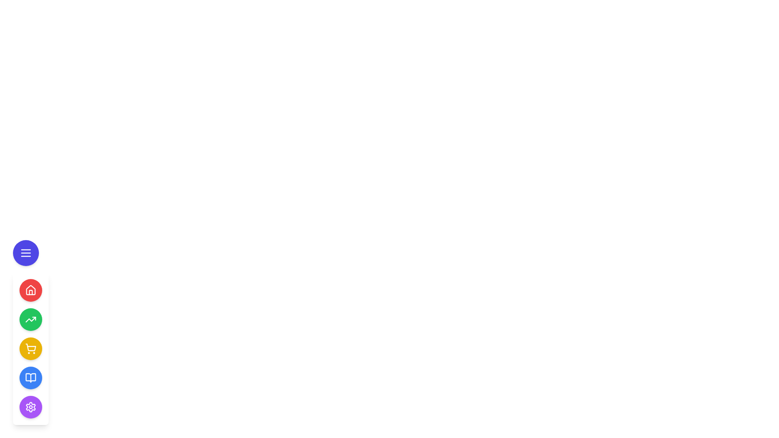 The height and width of the screenshot is (438, 779). Describe the element at coordinates (31, 290) in the screenshot. I see `the navigation icon located inside the circular button, which is the second option in the vertical navigation menu below the purple button with three horizontal lines` at that location.